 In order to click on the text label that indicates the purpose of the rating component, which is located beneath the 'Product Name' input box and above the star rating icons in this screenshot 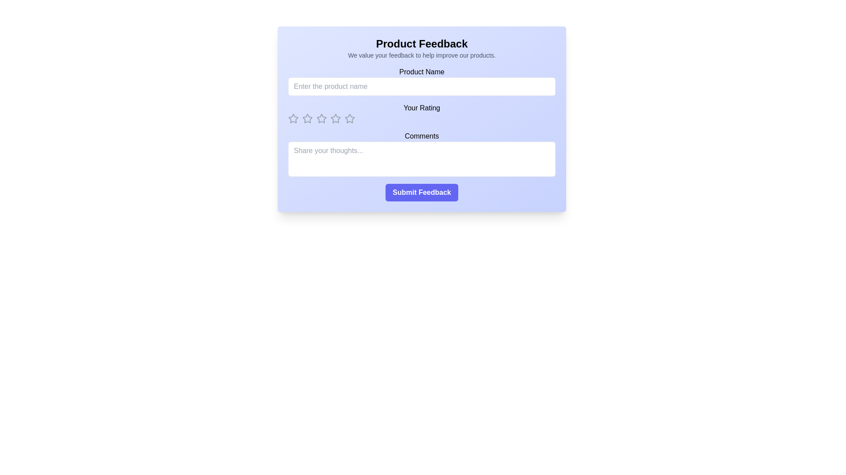, I will do `click(421, 108)`.